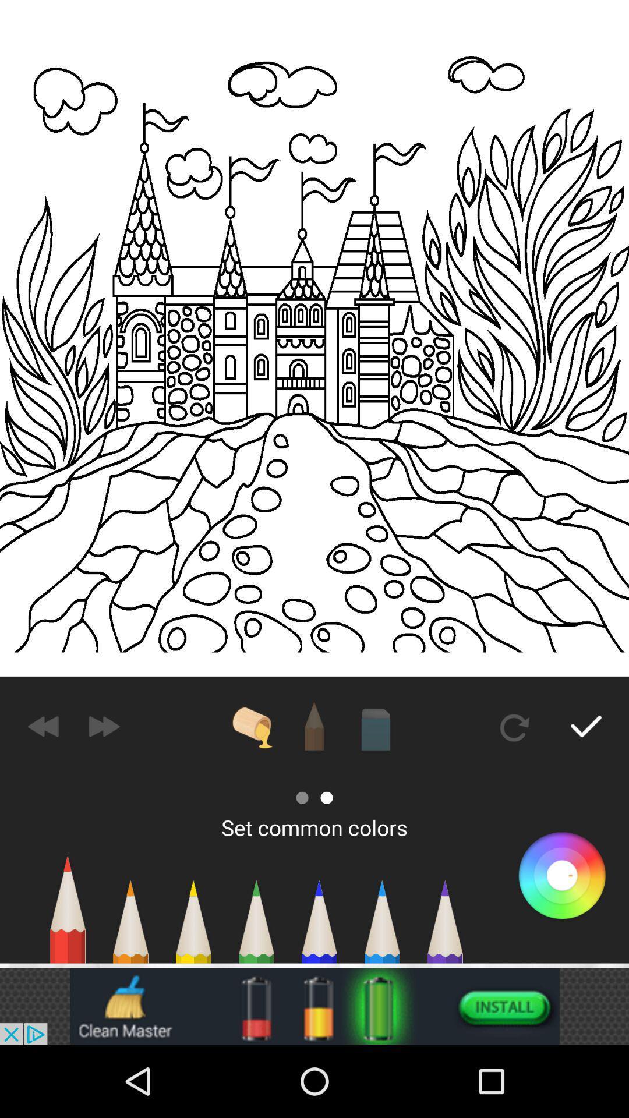 This screenshot has height=1118, width=629. Describe the element at coordinates (103, 777) in the screenshot. I see `the send icon` at that location.